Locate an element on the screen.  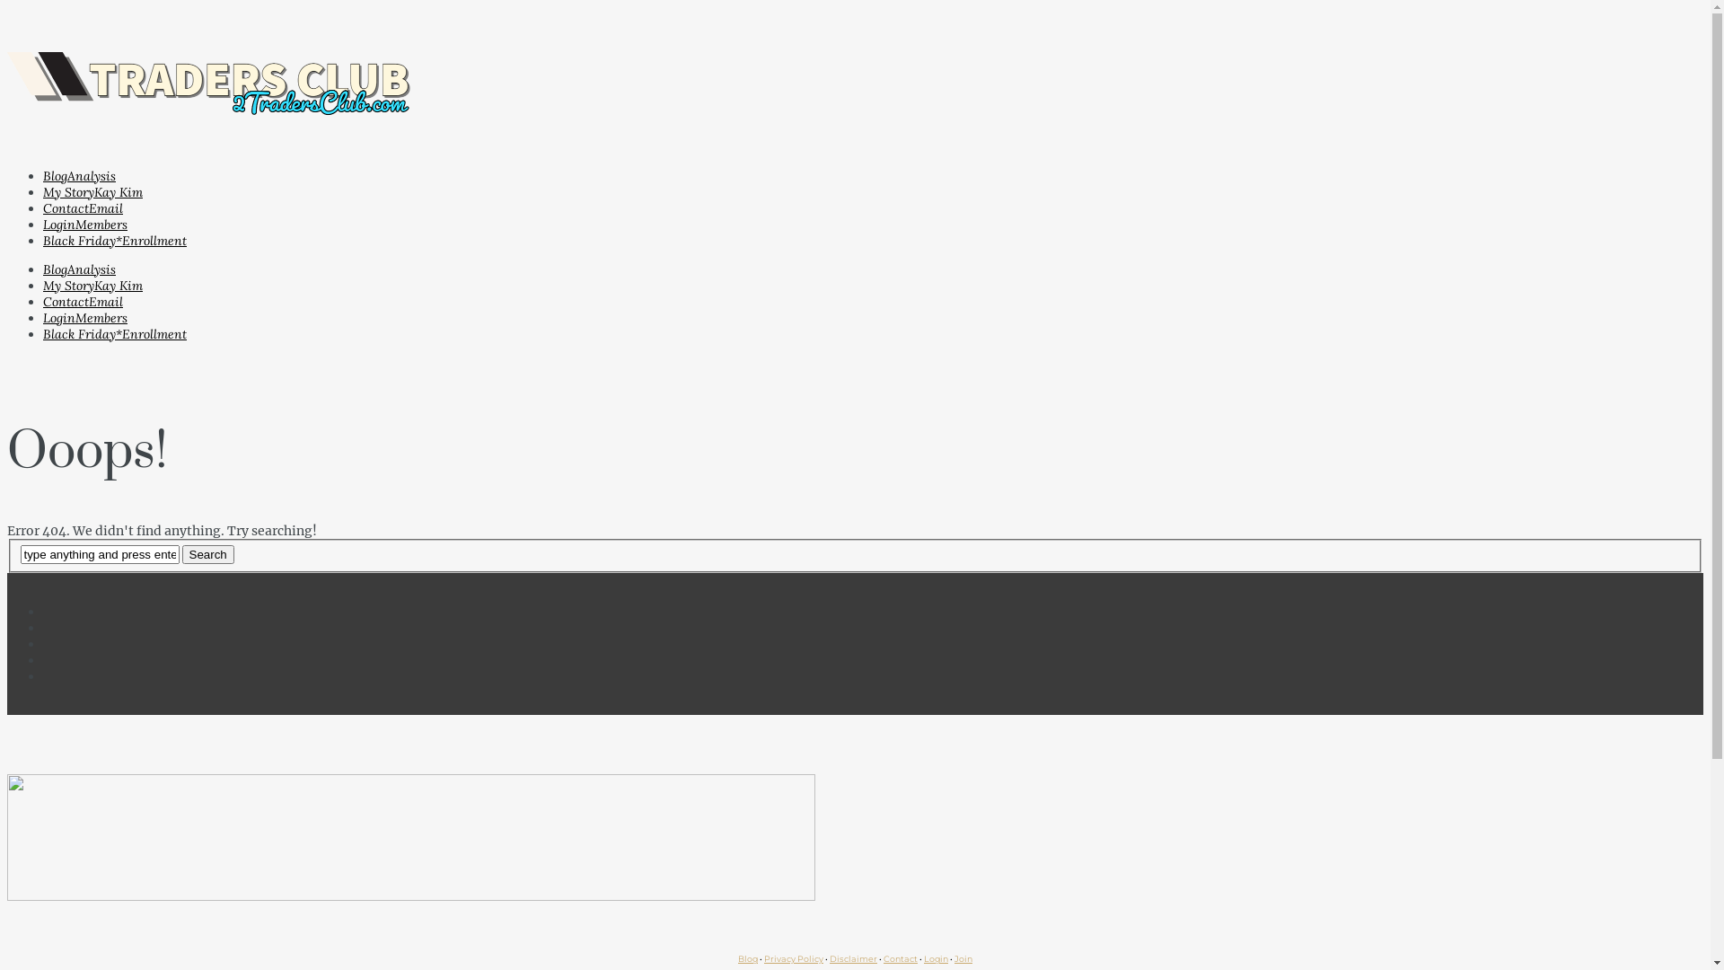
'Blog' is located at coordinates (748, 957).